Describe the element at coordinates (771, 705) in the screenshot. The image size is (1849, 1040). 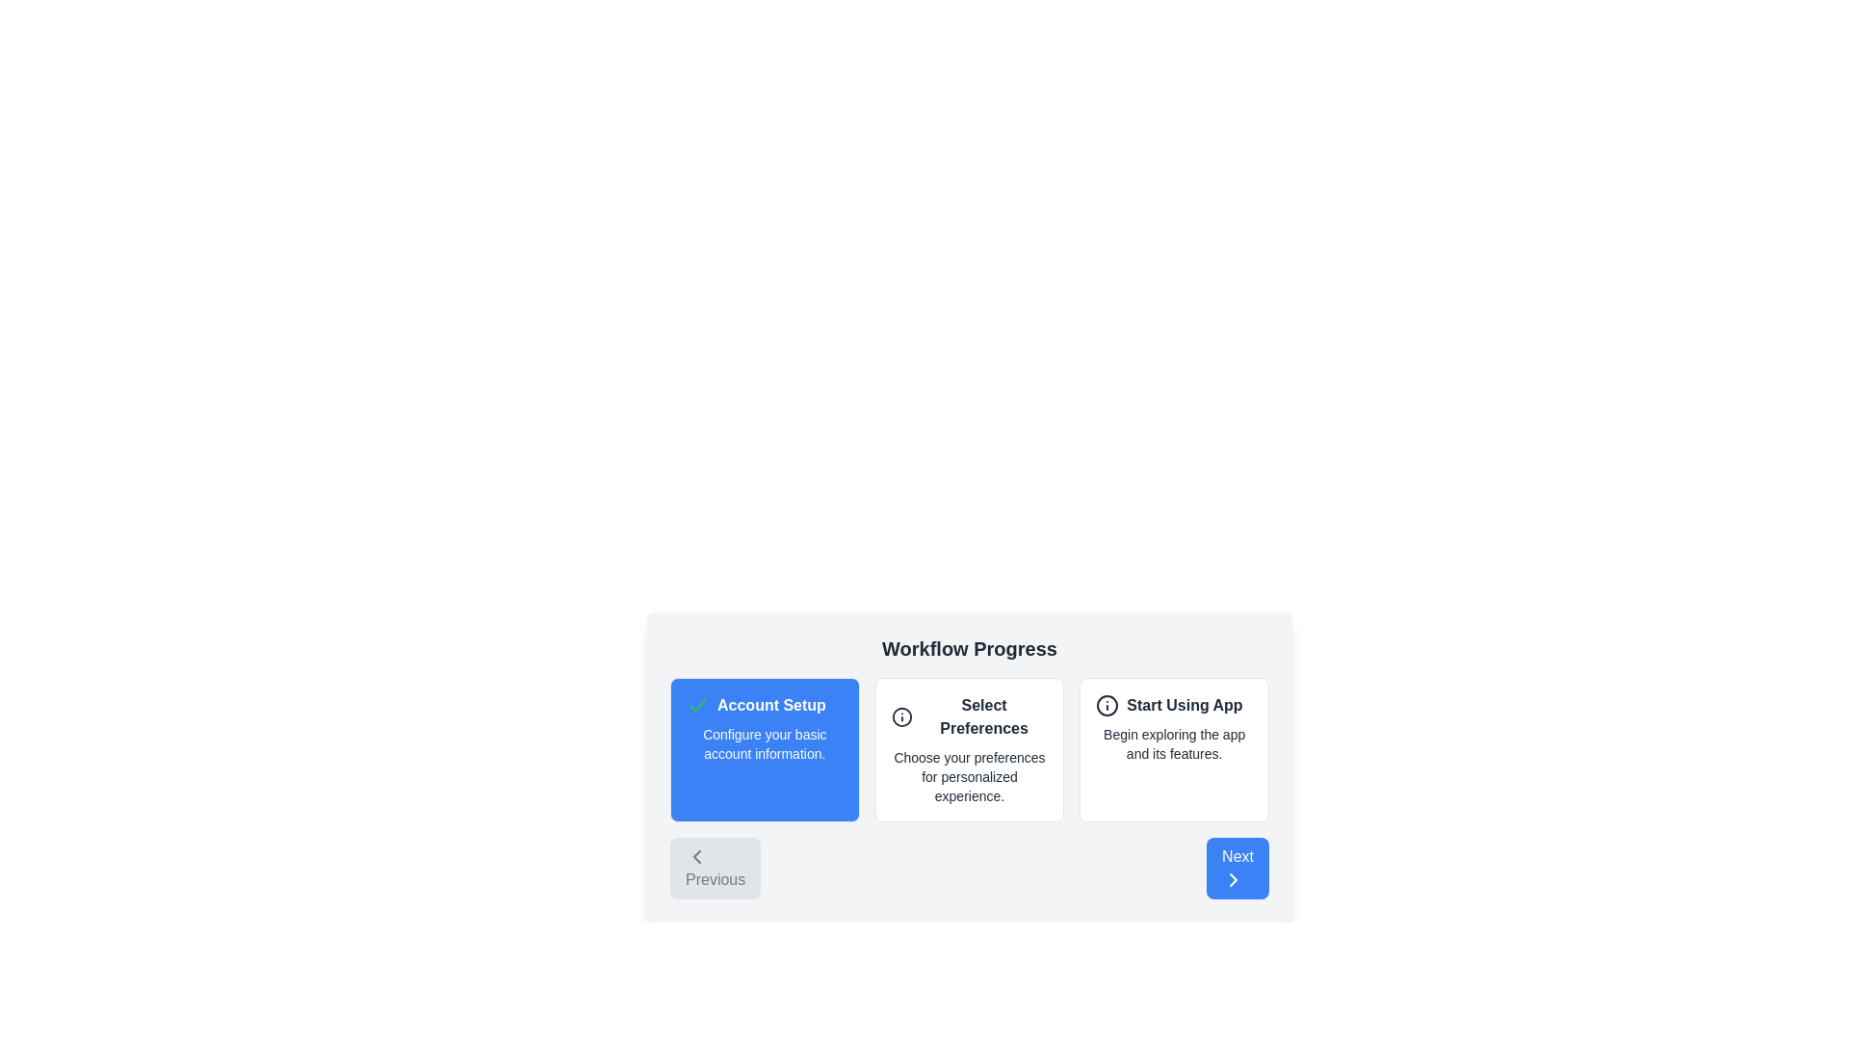
I see `the text label that indicates the name of the first step in the account setup workflow, positioned above the description text 'Configure your basic account information.'` at that location.